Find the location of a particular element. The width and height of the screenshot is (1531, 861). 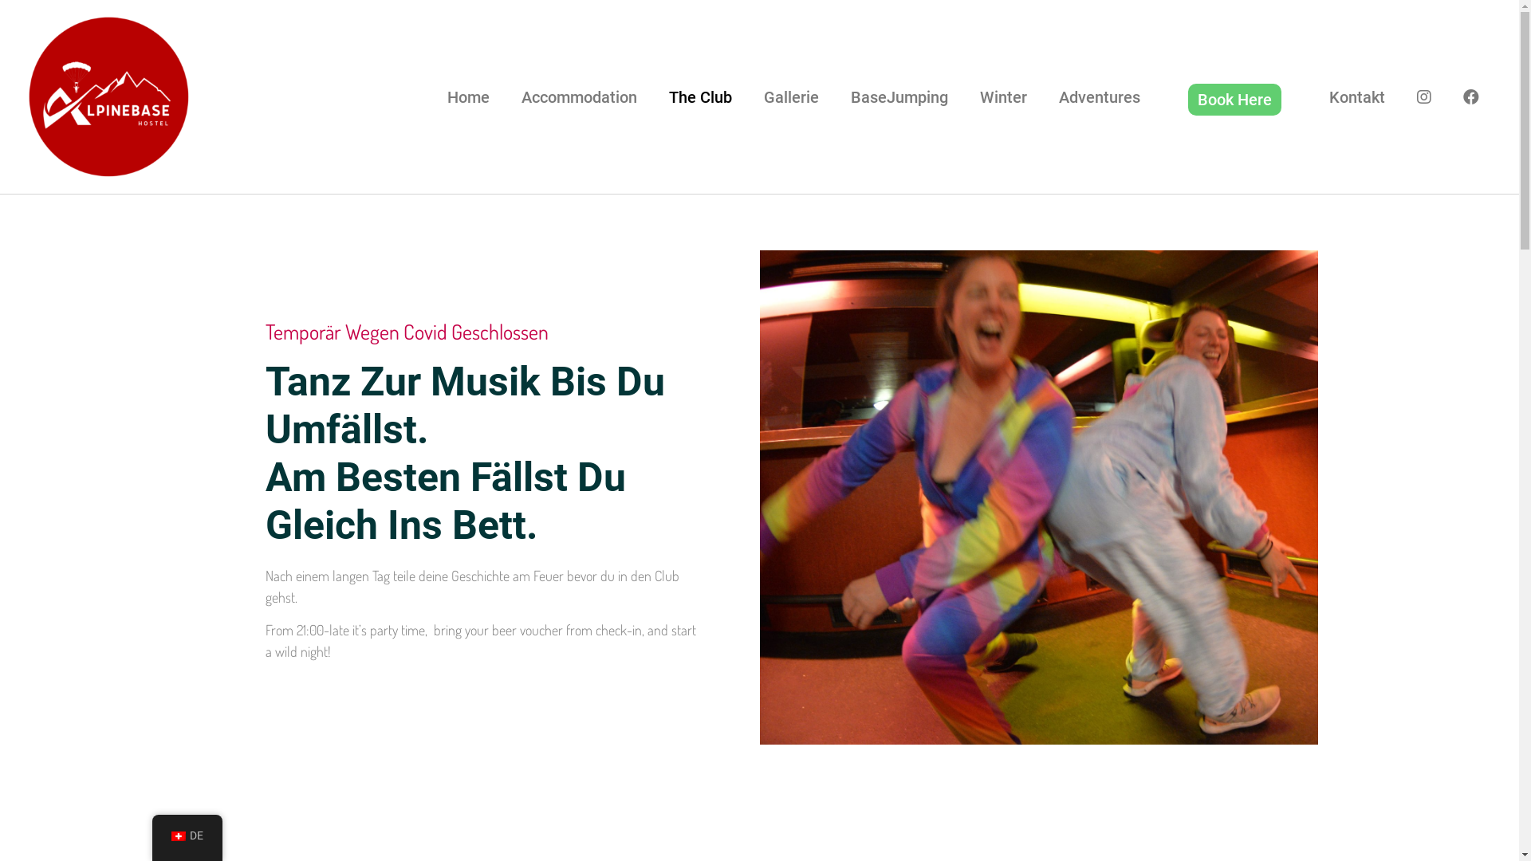

'Gallerie' is located at coordinates (791, 97).